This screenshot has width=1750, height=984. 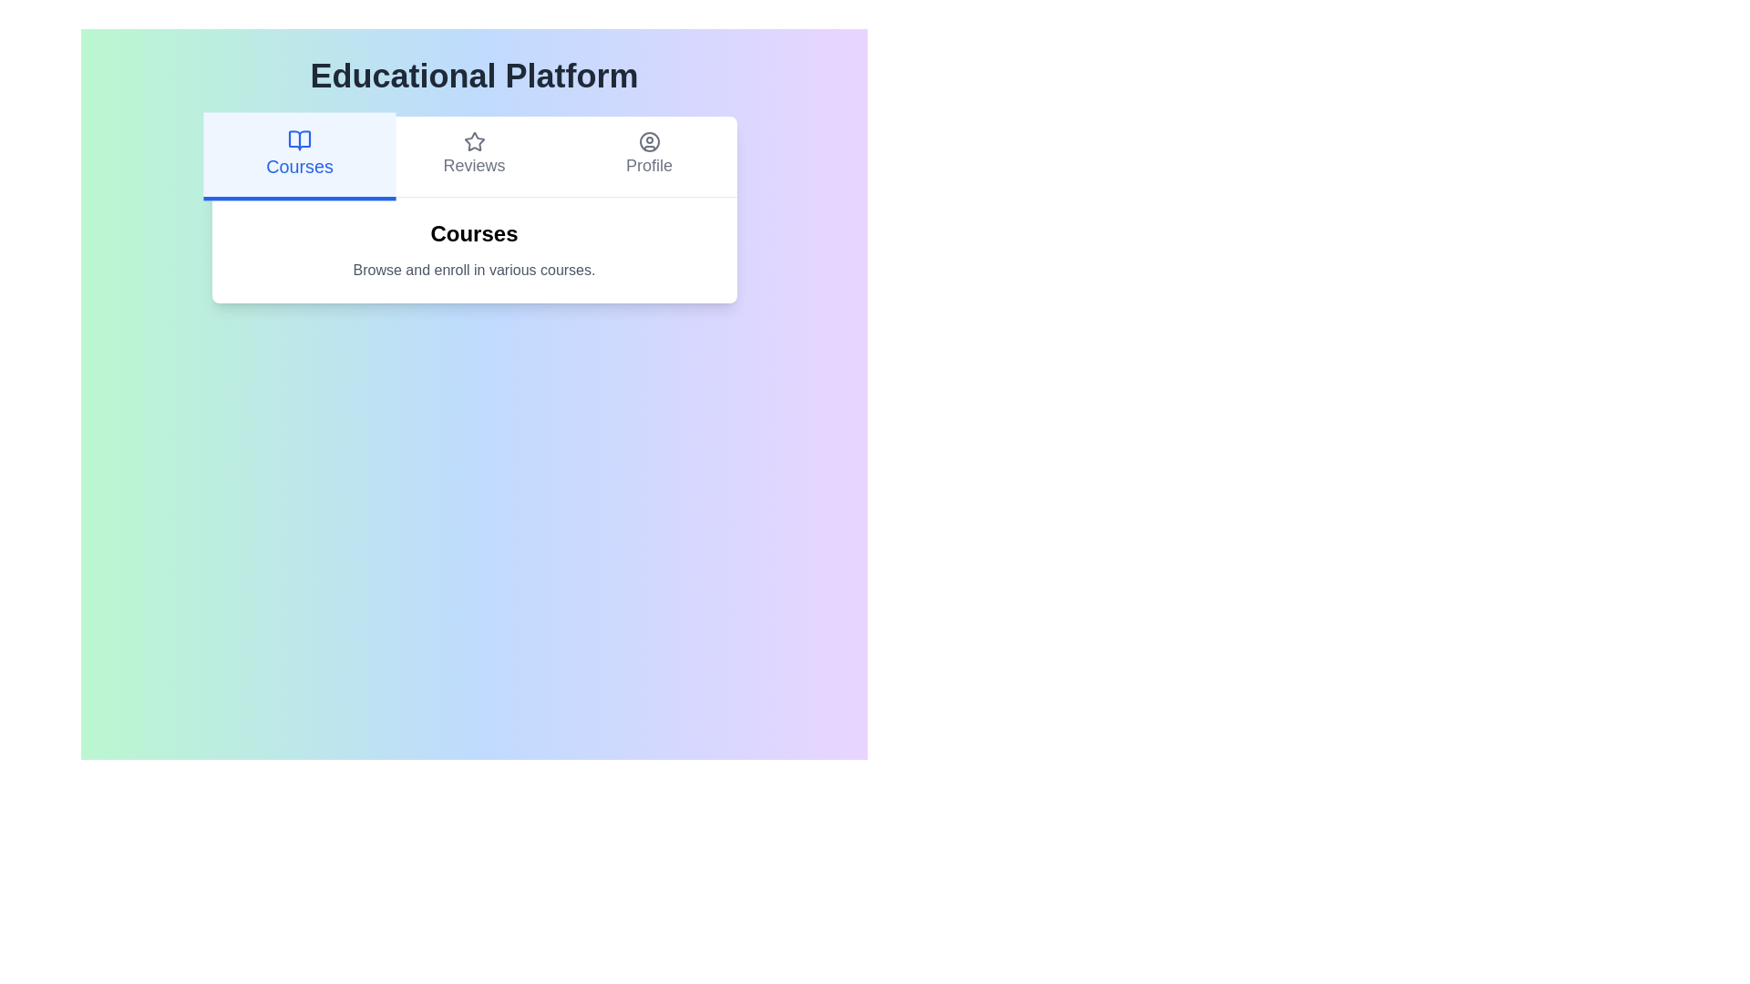 What do you see at coordinates (649, 156) in the screenshot?
I see `the Profile tab to switch views` at bounding box center [649, 156].